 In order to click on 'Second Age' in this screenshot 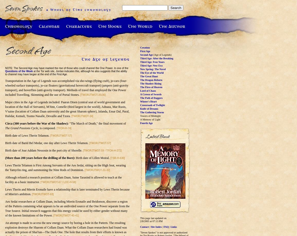, I will do `click(146, 55)`.